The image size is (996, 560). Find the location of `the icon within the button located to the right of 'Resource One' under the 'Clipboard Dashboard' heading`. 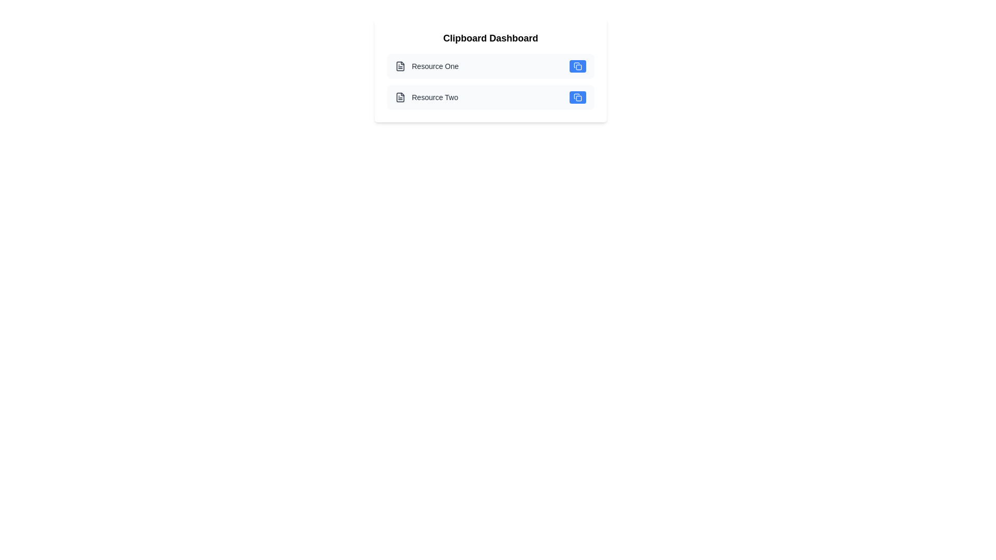

the icon within the button located to the right of 'Resource One' under the 'Clipboard Dashboard' heading is located at coordinates (577, 66).